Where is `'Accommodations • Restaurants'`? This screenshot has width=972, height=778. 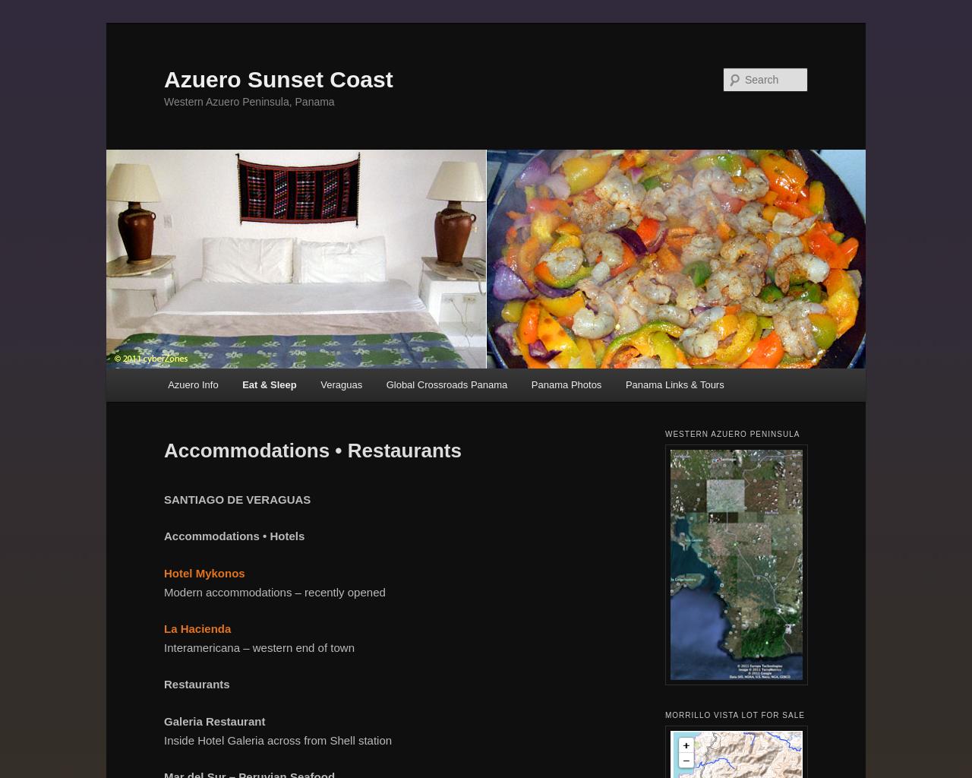 'Accommodations • Restaurants' is located at coordinates (311, 449).